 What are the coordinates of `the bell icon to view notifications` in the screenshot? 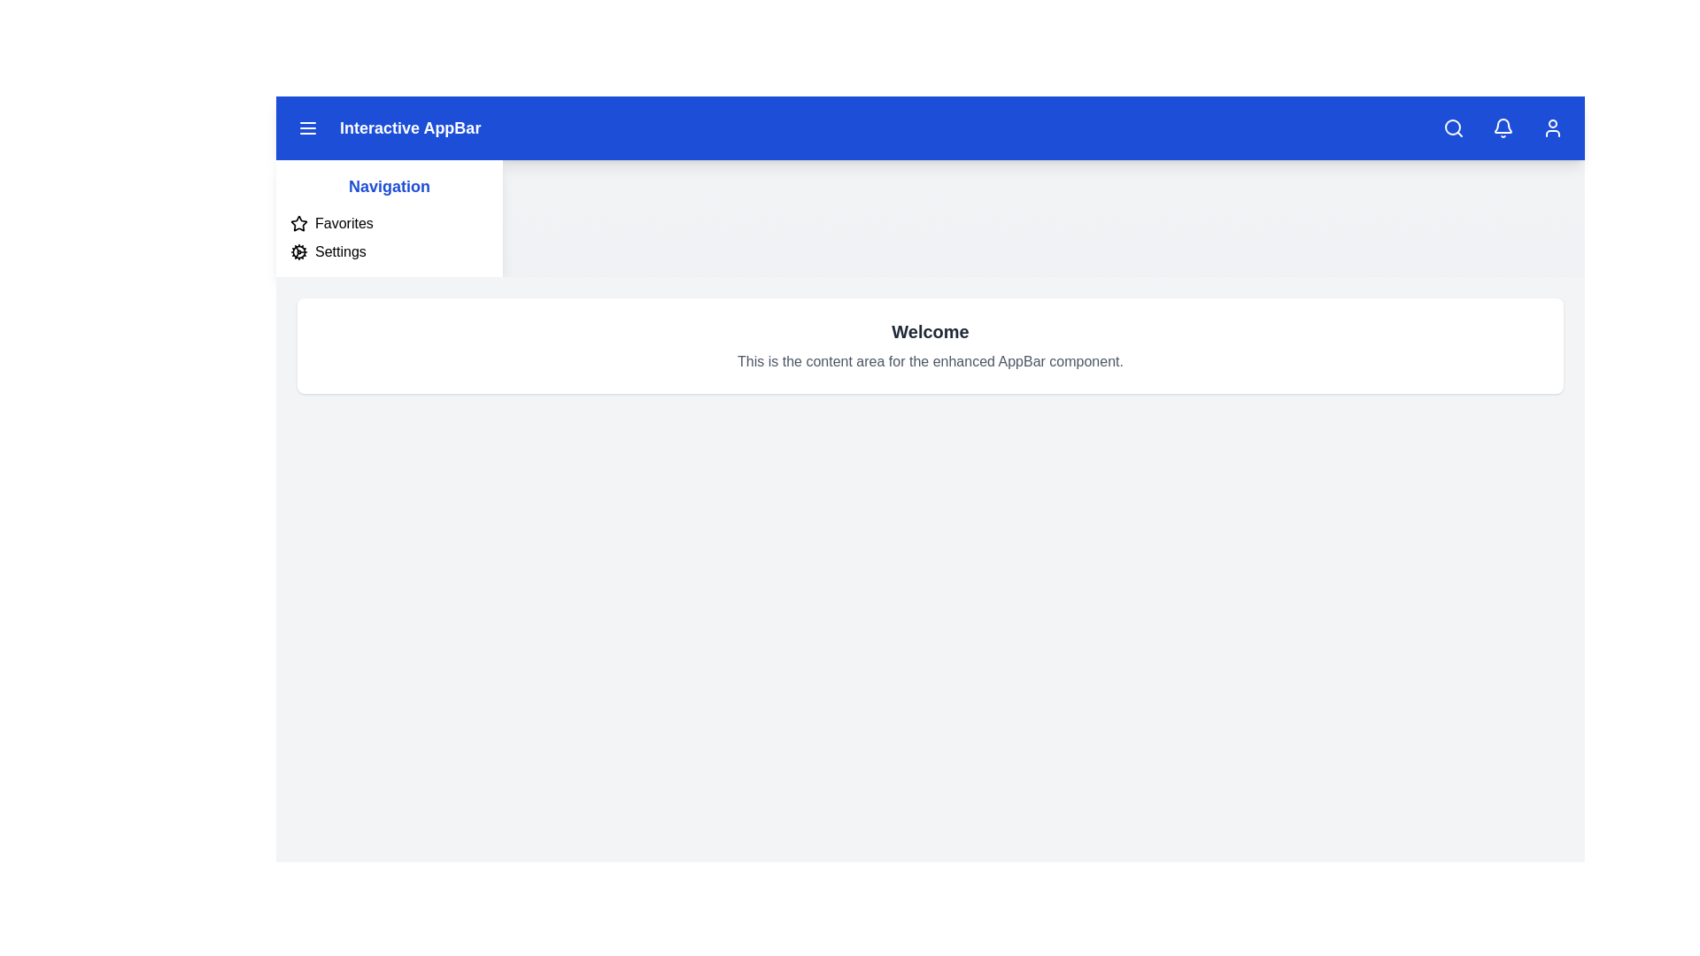 It's located at (1503, 127).